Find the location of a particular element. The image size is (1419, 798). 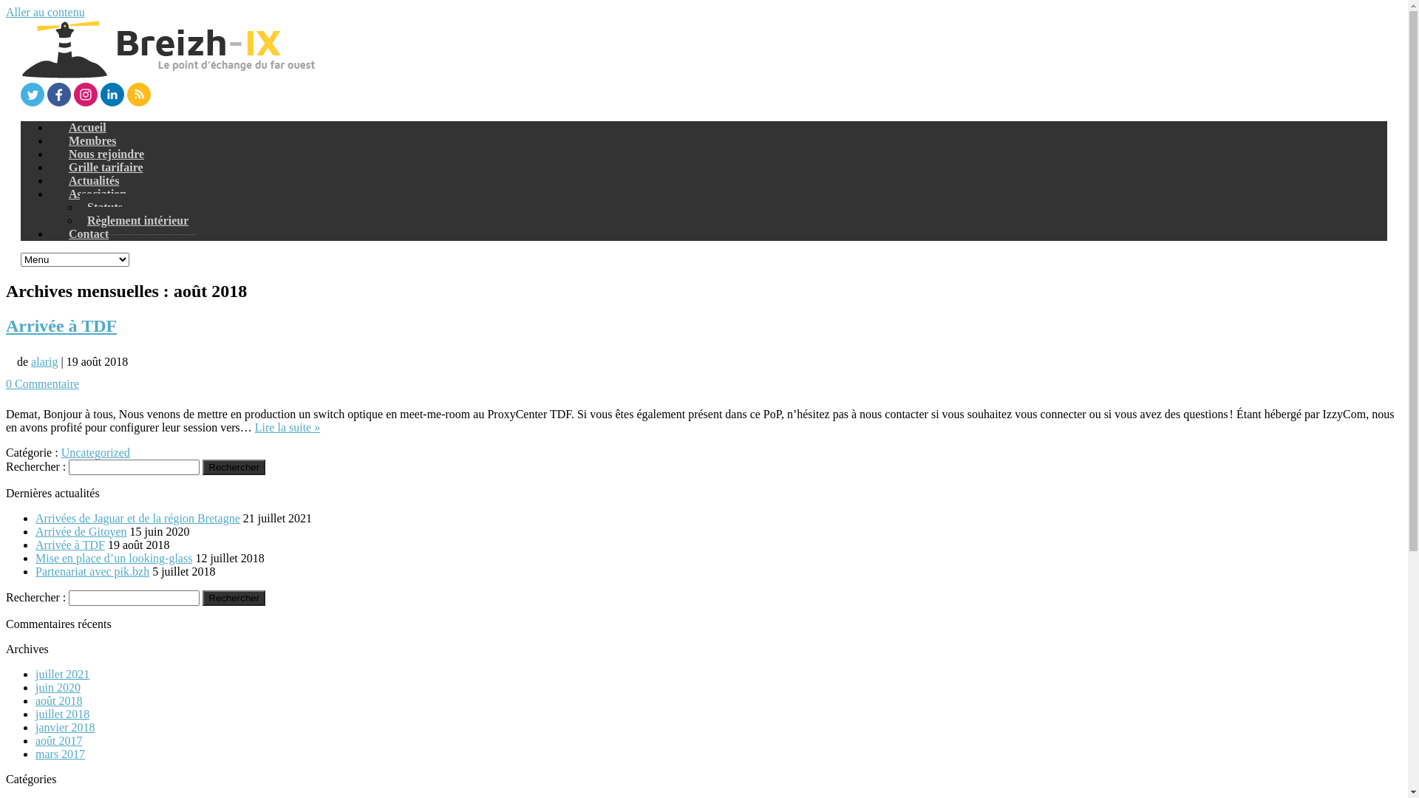

'alarig' is located at coordinates (44, 361).